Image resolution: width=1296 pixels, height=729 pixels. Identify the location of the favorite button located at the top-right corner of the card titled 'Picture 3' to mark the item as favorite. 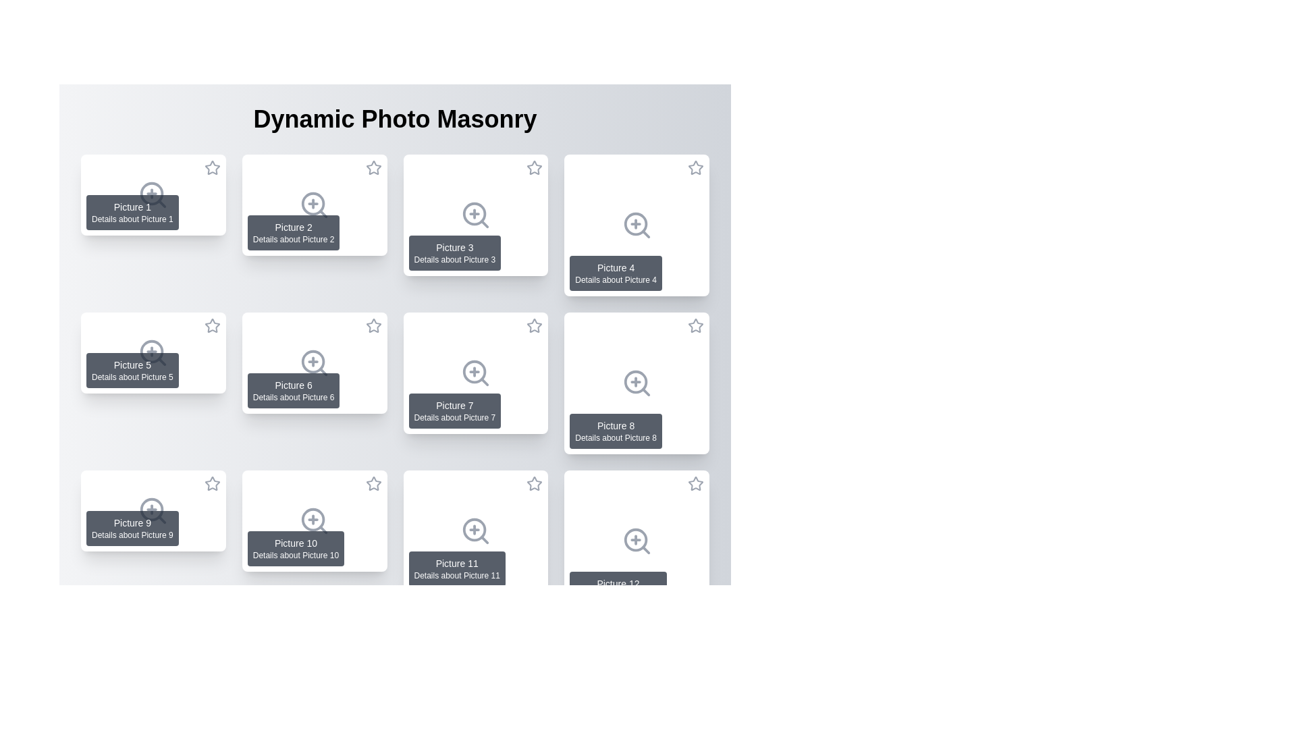
(534, 169).